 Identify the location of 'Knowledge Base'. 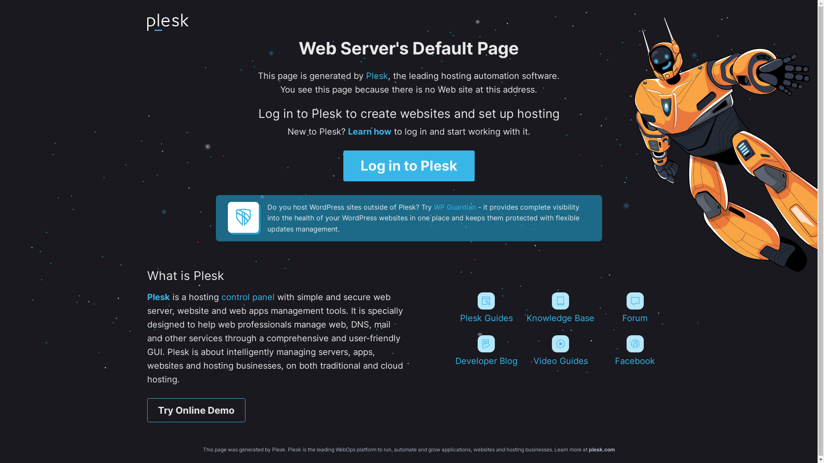
(525, 307).